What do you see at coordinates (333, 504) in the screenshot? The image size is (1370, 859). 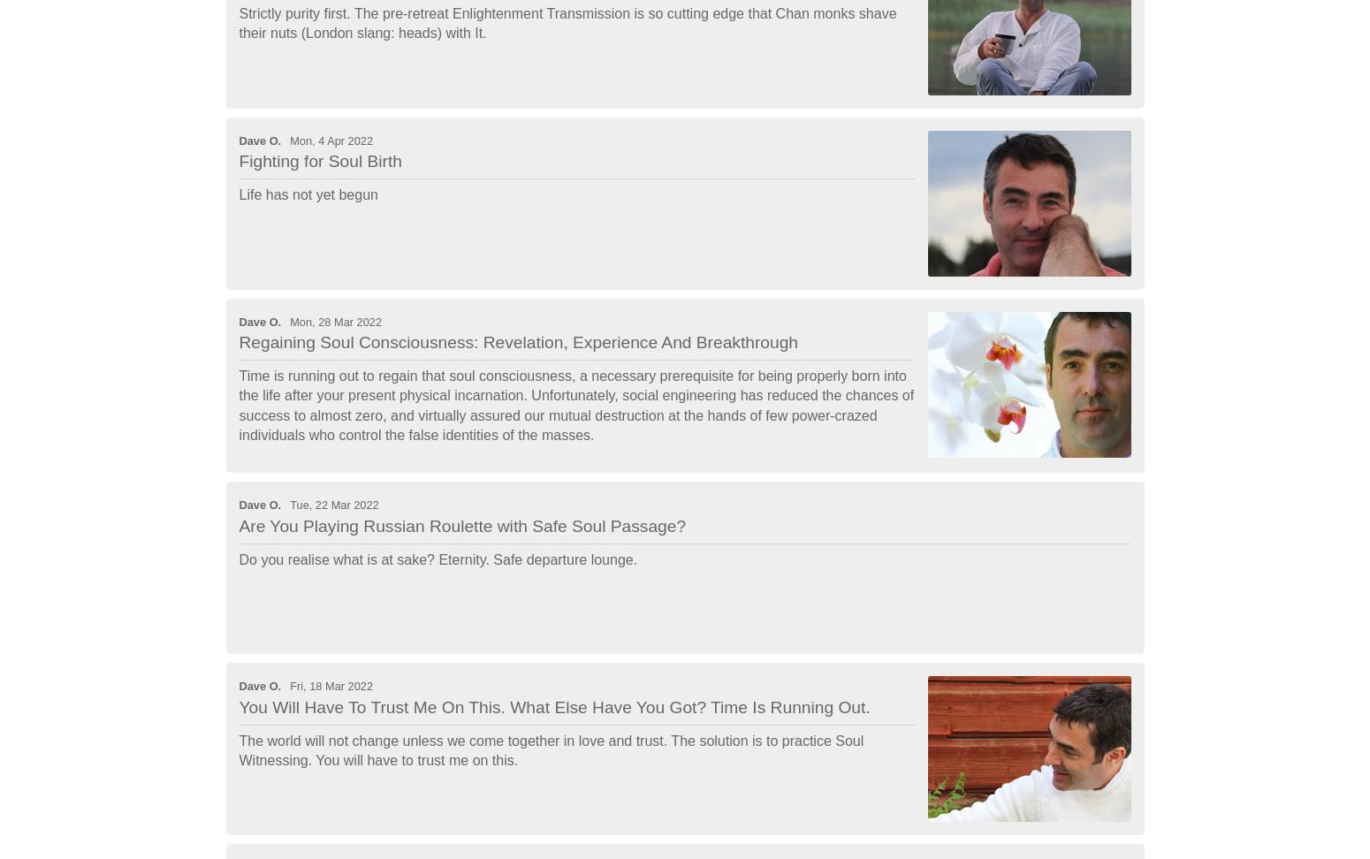 I see `'Tue, 22 Mar 2022'` at bounding box center [333, 504].